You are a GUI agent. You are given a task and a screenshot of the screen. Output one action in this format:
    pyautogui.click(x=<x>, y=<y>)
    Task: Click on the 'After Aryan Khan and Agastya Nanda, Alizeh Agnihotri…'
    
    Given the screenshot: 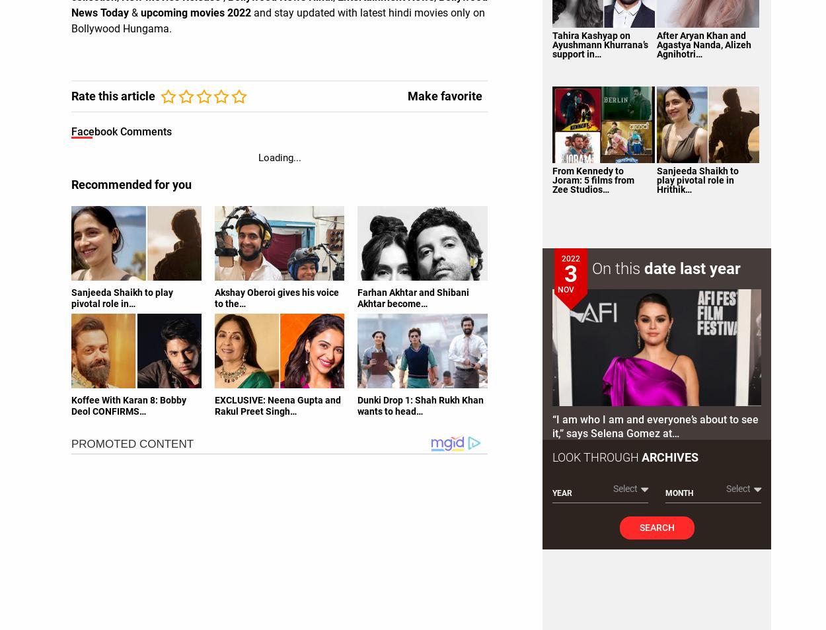 What is the action you would take?
    pyautogui.click(x=702, y=43)
    